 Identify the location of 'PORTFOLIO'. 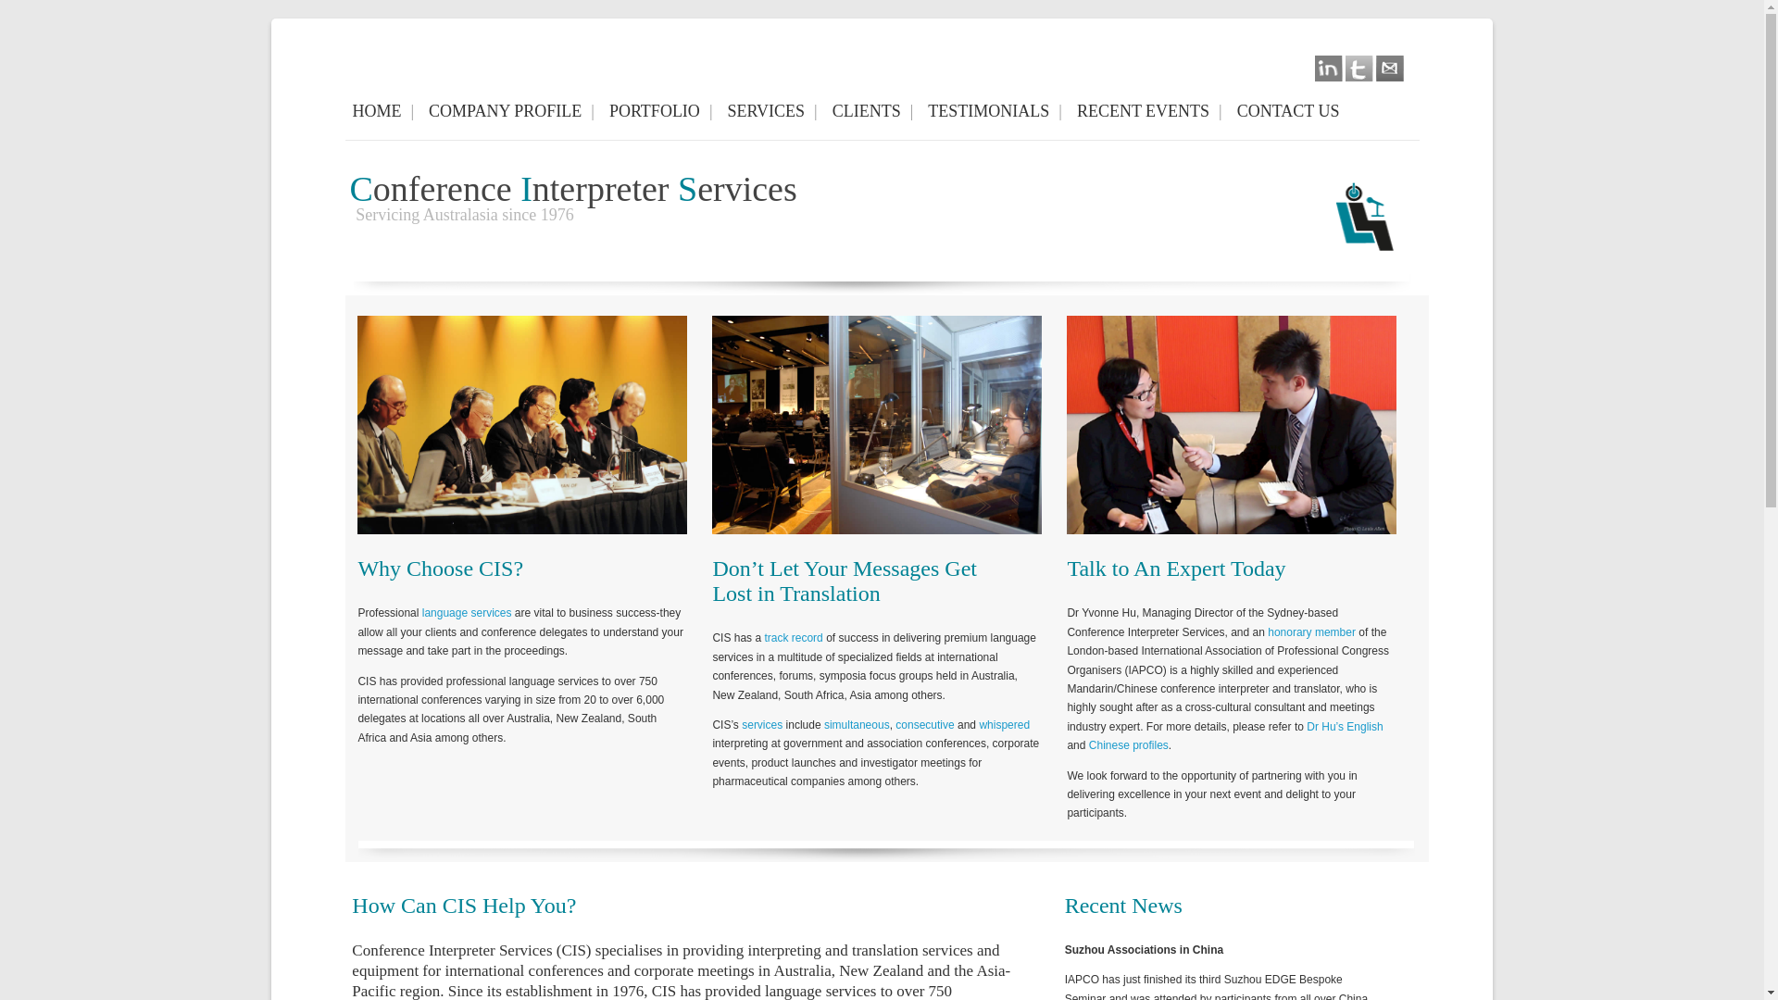
(661, 111).